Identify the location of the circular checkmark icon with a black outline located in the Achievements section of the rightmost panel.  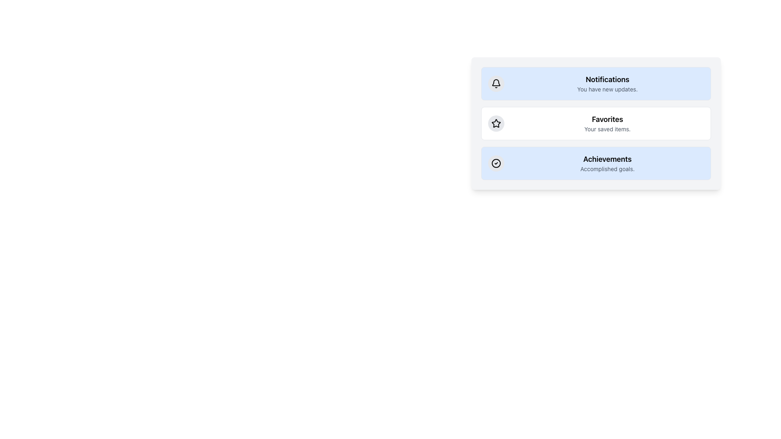
(495, 163).